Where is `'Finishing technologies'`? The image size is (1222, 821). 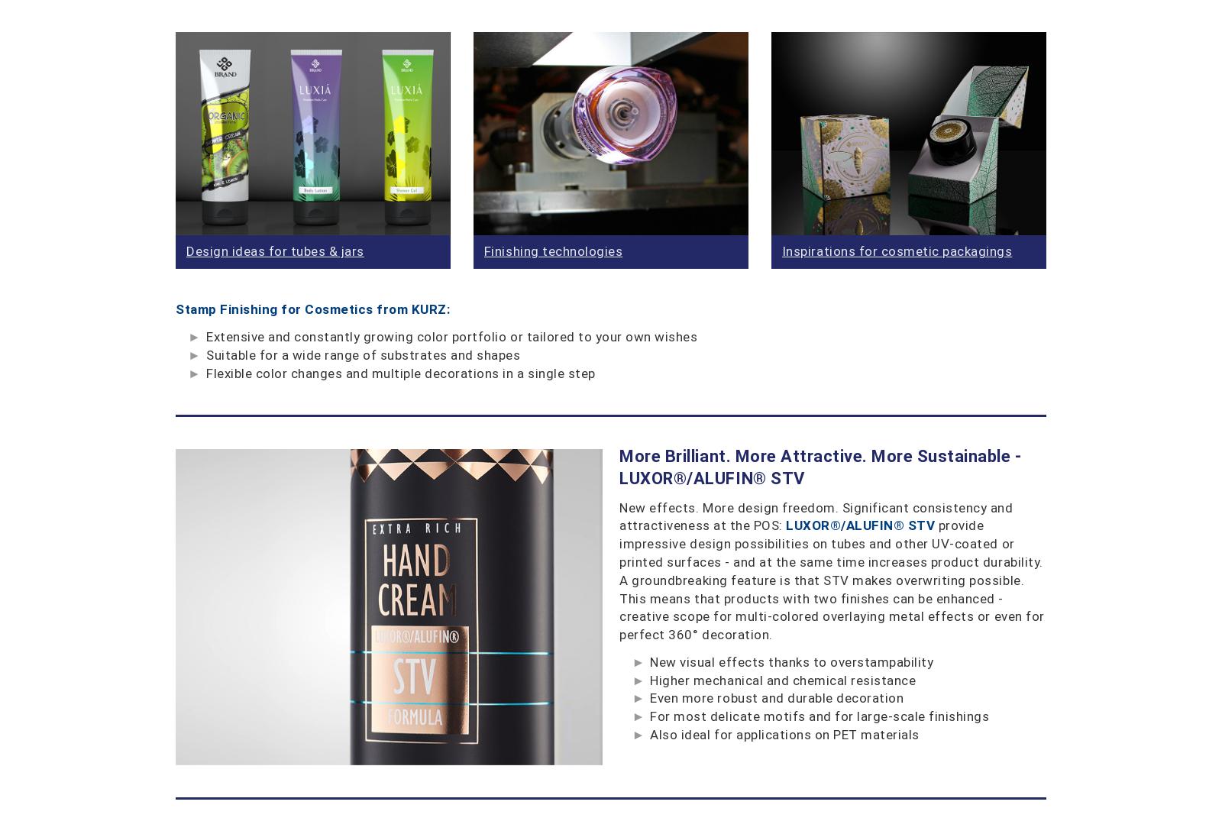
'Finishing technologies' is located at coordinates (553, 250).